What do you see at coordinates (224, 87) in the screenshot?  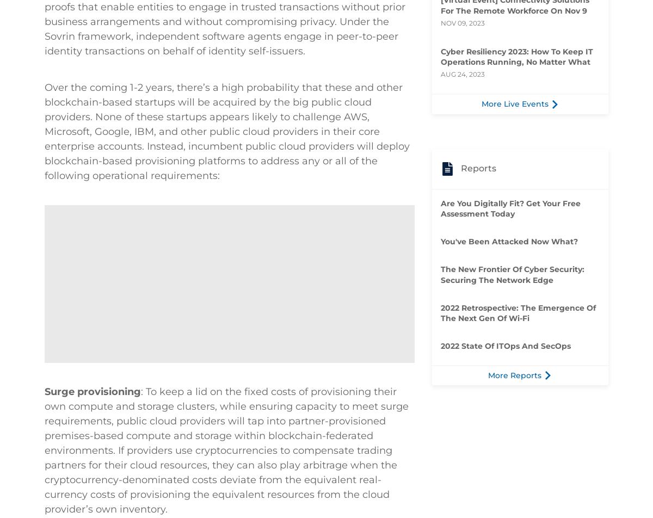 I see `': Traditional cloud services require that users register with the service provider and thereby allow that company to manage one’s digital identities and credentials. However,'` at bounding box center [224, 87].